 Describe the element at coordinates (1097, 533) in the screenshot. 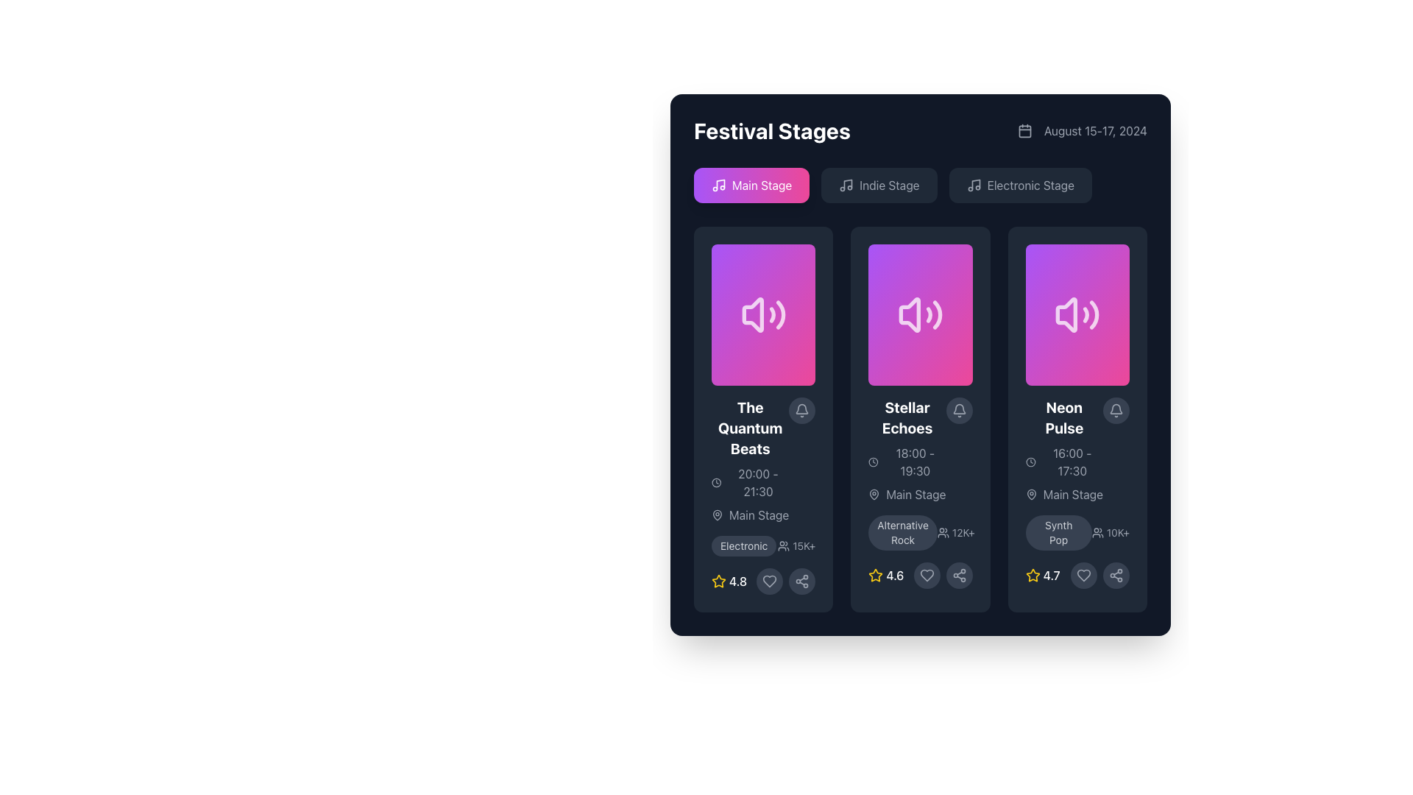

I see `the icon that represents the user count for the event 'Neon Pulse', located to the left of the text '10K+'` at that location.